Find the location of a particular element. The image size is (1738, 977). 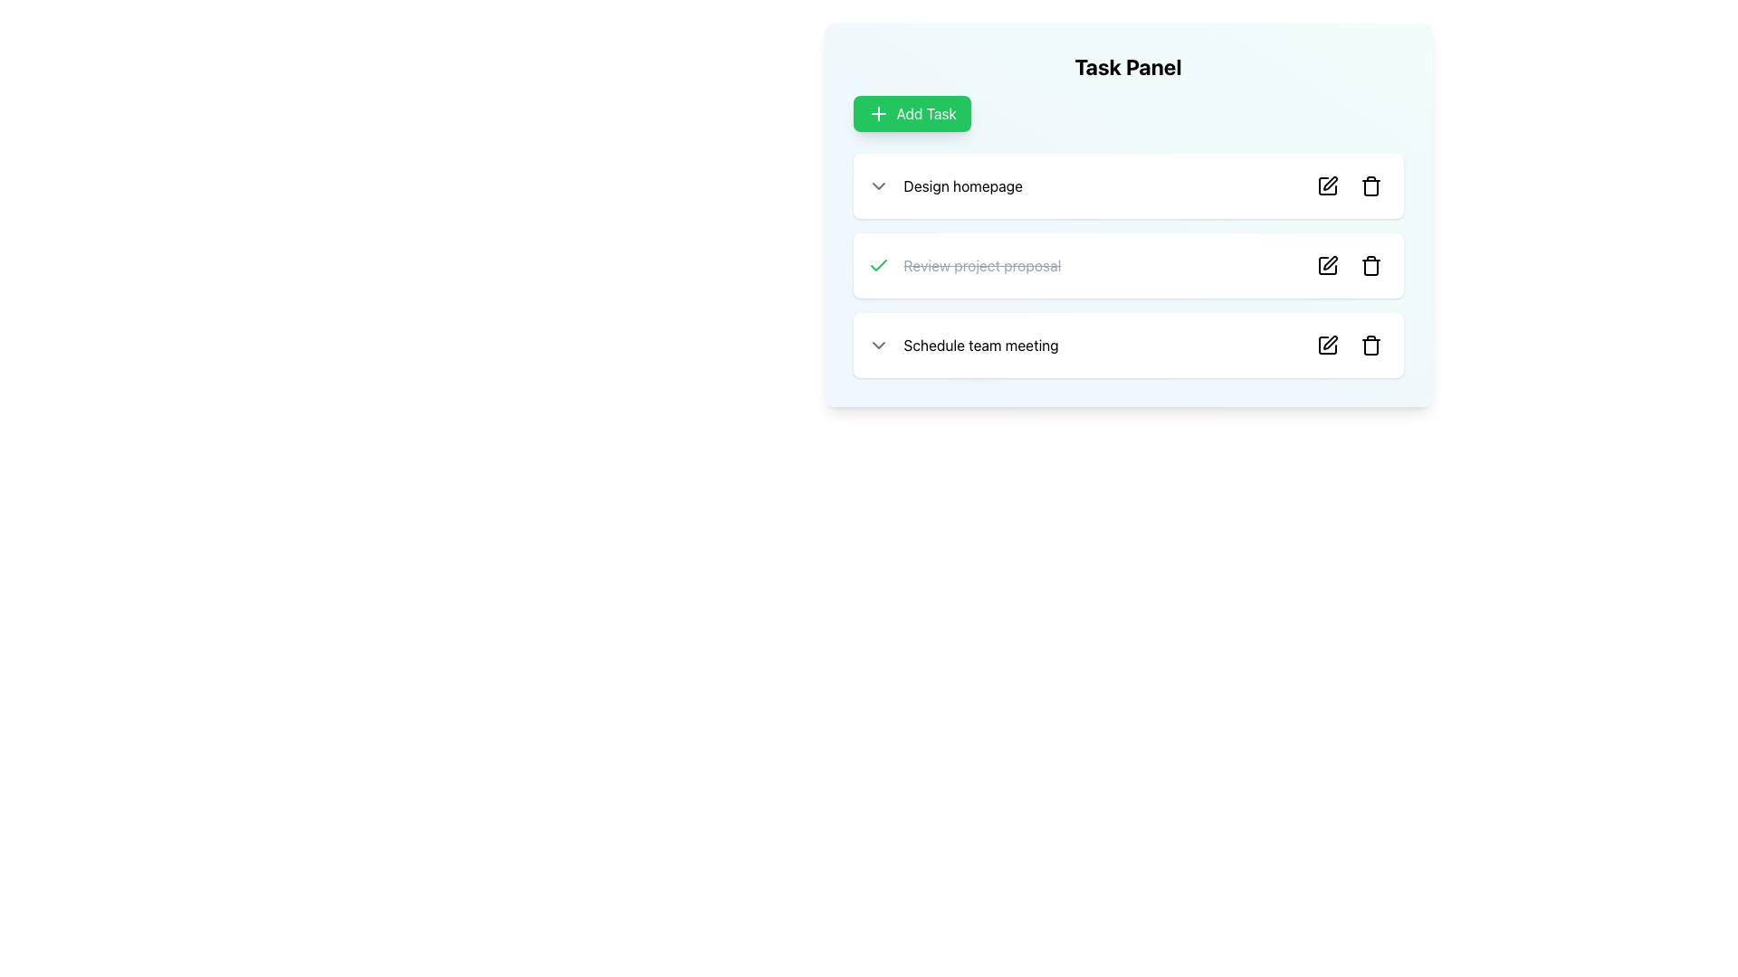

the 'Add Task' button, which is a rectangular button with rounded corners, a green background, and contains the text 'Add Task' in white, located in the 'Task Panel' is located at coordinates (912, 114).